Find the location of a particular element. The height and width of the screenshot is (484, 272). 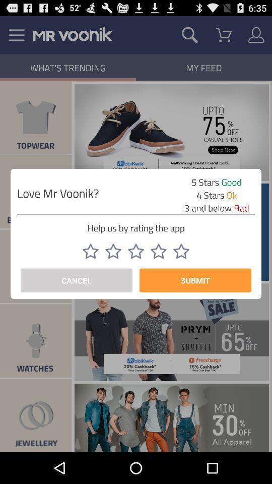

item above cancel is located at coordinates (113, 251).